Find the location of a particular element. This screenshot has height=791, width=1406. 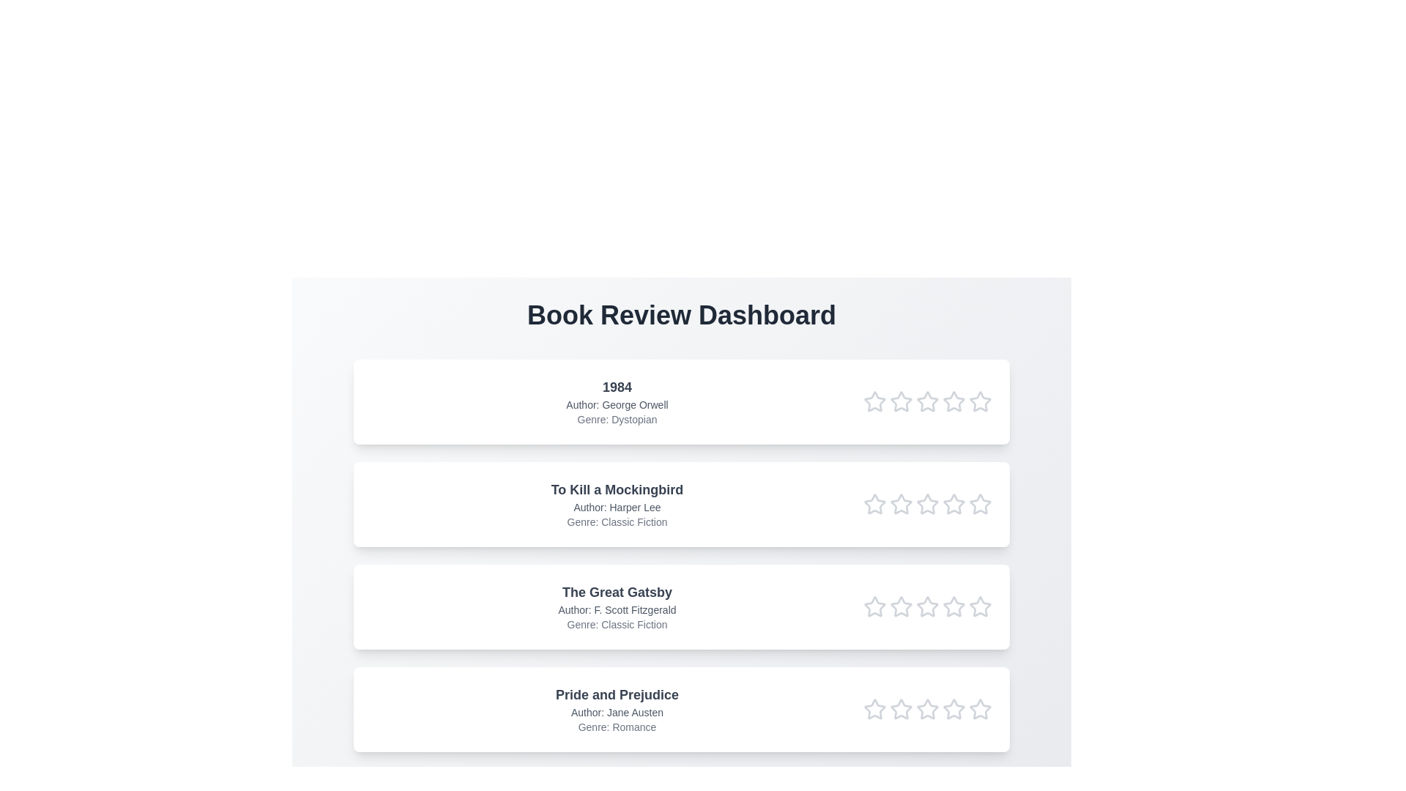

the star corresponding to 3 in the rating row of the book titled To Kill a Mockingbird is located at coordinates (927, 504).